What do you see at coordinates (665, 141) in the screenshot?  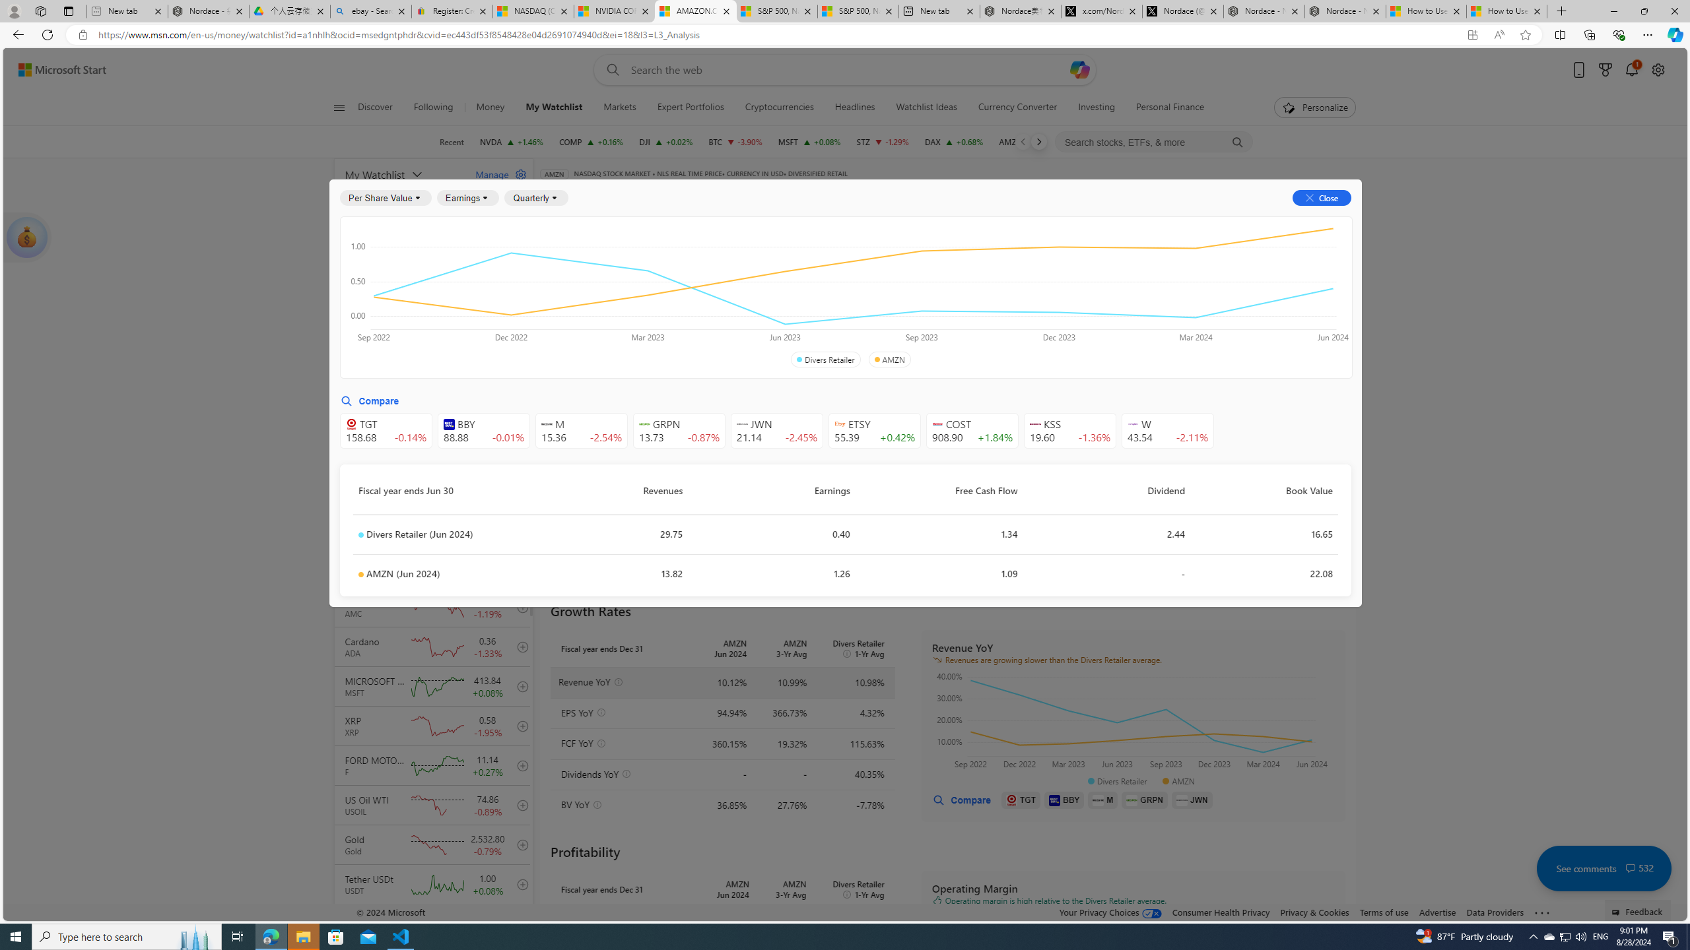 I see `'DJI DOW increase 41,250.50 +9.98 +0.02%'` at bounding box center [665, 141].